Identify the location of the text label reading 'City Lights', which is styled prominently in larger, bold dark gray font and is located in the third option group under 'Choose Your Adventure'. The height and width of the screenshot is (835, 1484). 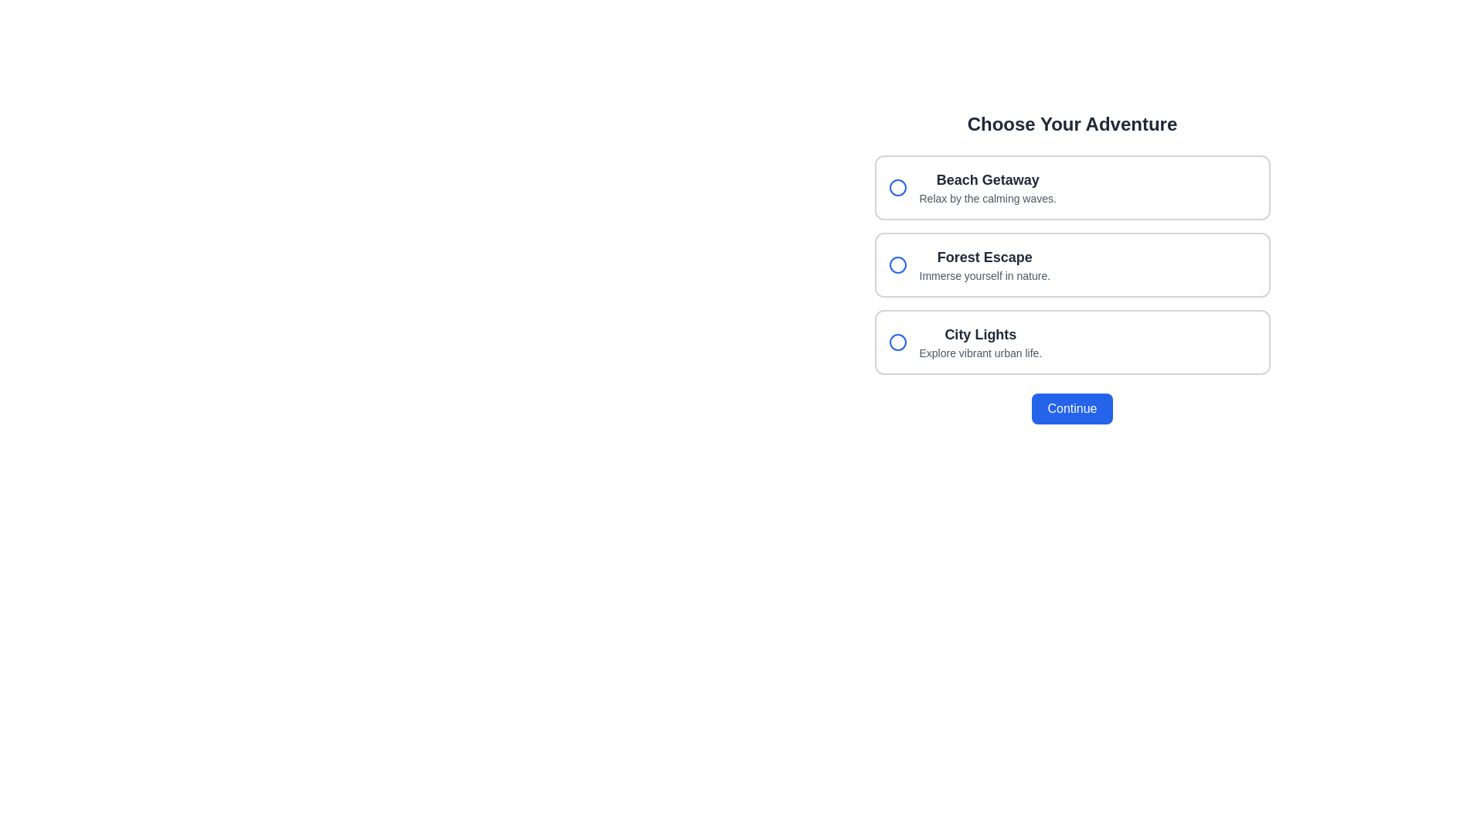
(979, 333).